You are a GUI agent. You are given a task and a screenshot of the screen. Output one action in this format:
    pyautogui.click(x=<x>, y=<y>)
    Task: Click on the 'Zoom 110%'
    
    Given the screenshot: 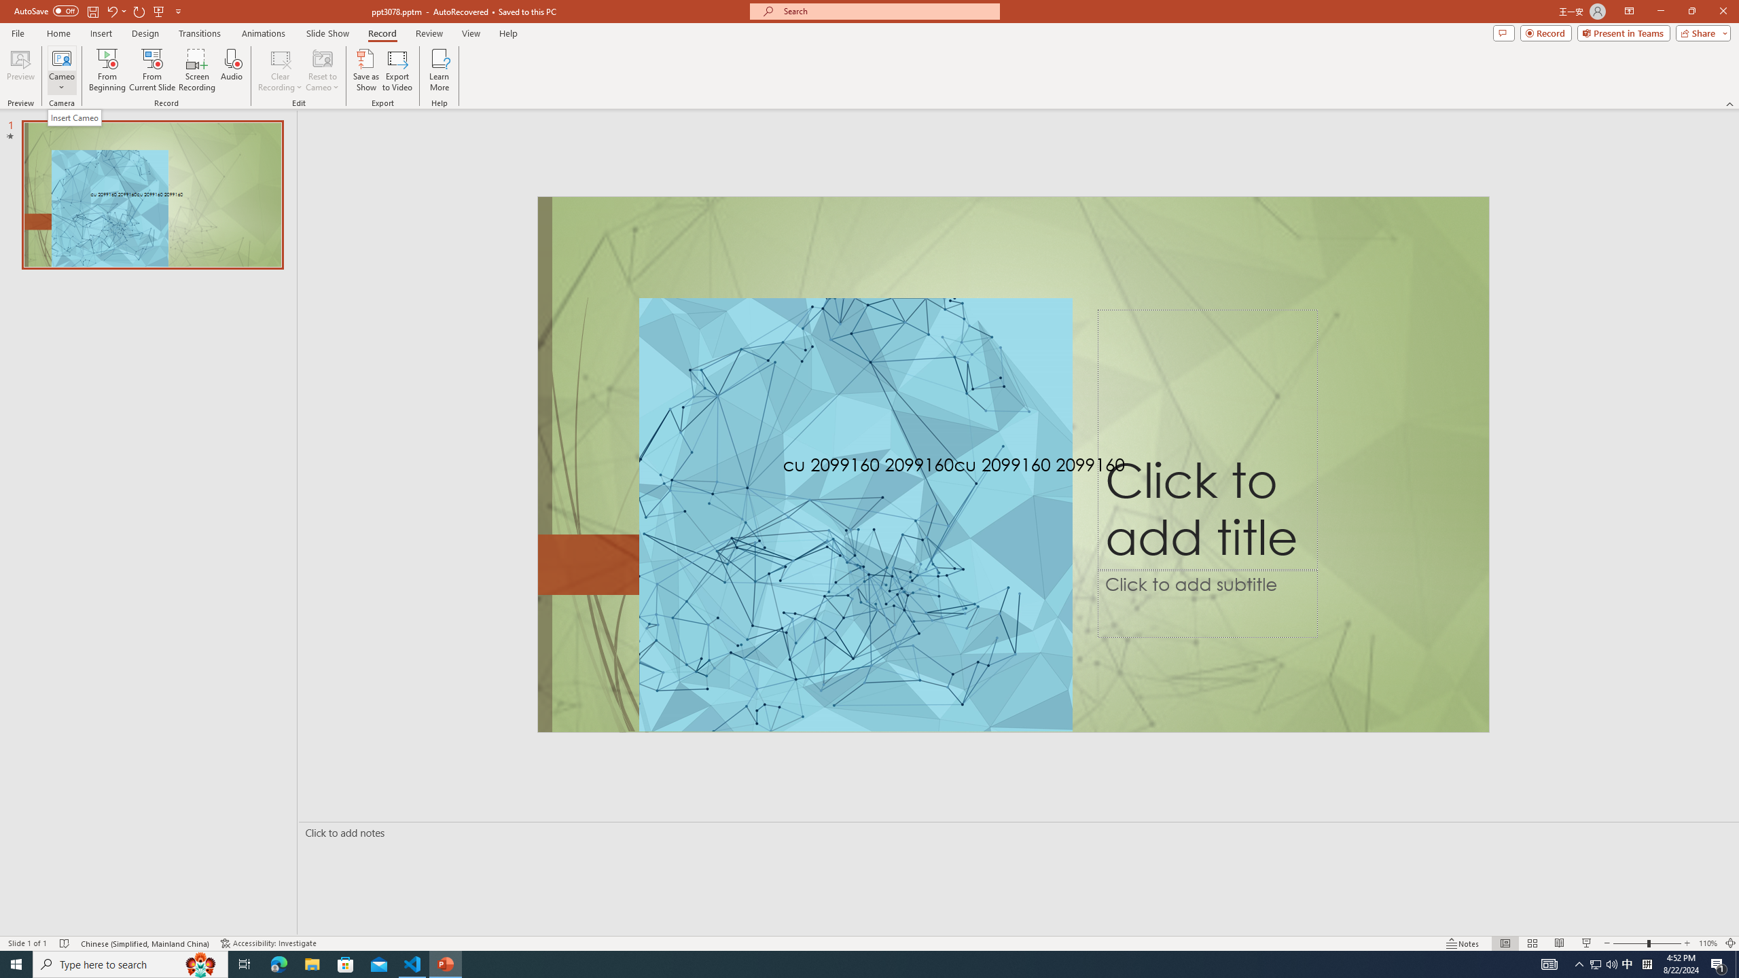 What is the action you would take?
    pyautogui.click(x=1708, y=943)
    